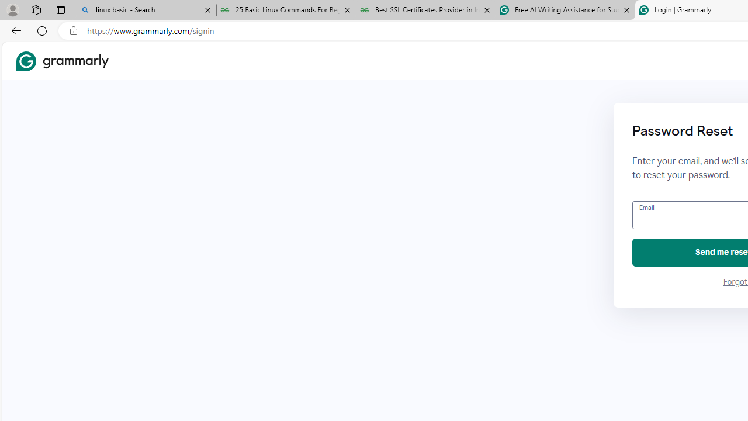 This screenshot has width=748, height=421. I want to click on 'Best SSL Certificates Provider in India - GeeksforGeeks', so click(425, 10).